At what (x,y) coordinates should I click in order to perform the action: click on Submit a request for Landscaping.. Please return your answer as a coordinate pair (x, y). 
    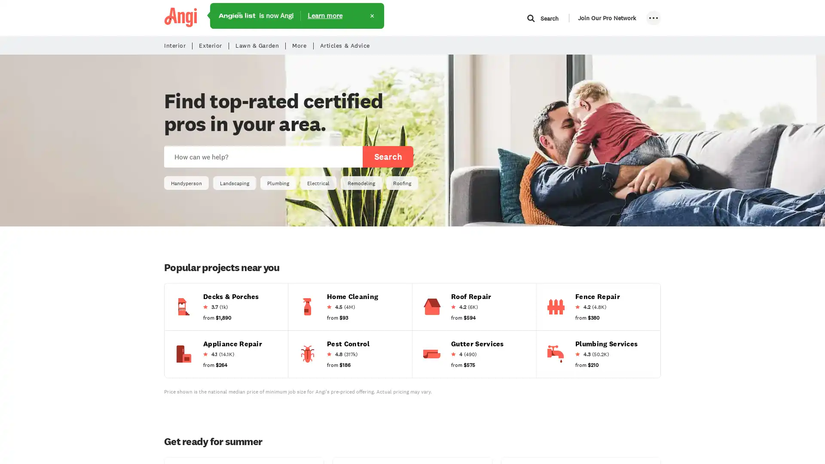
    Looking at the image, I should click on (235, 182).